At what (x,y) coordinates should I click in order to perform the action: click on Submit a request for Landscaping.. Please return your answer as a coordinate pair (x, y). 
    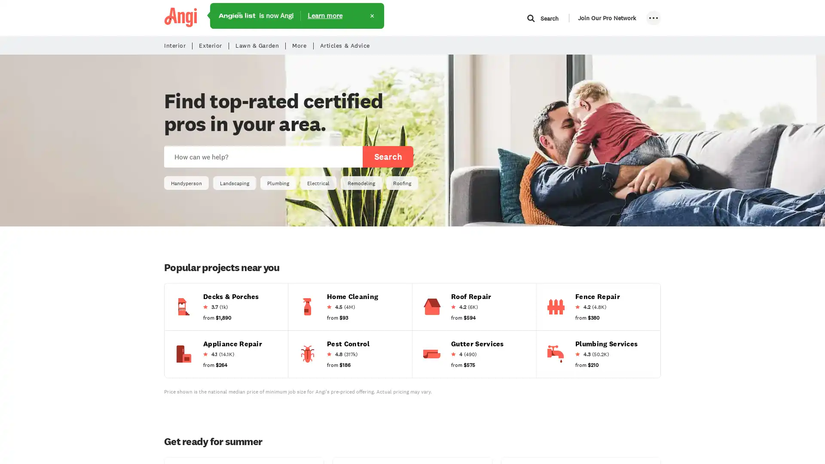
    Looking at the image, I should click on (235, 182).